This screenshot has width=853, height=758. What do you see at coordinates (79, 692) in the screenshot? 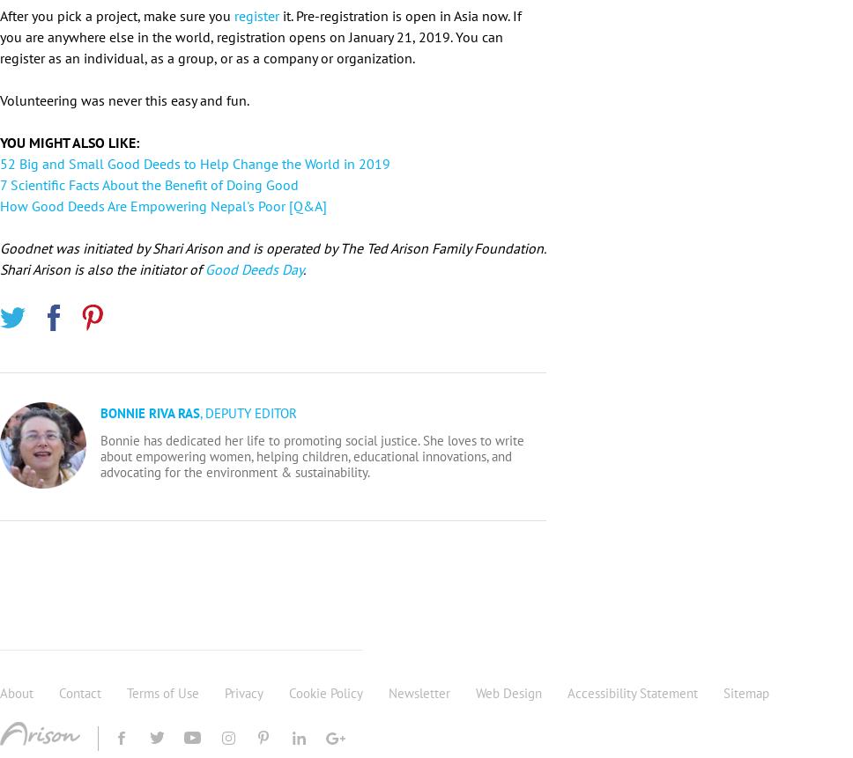
I see `'Contact'` at bounding box center [79, 692].